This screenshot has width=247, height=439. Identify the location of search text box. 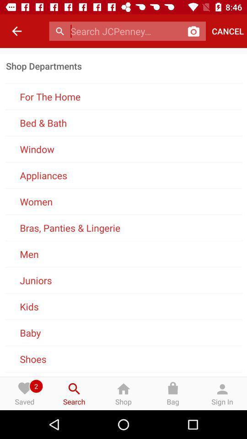
(125, 31).